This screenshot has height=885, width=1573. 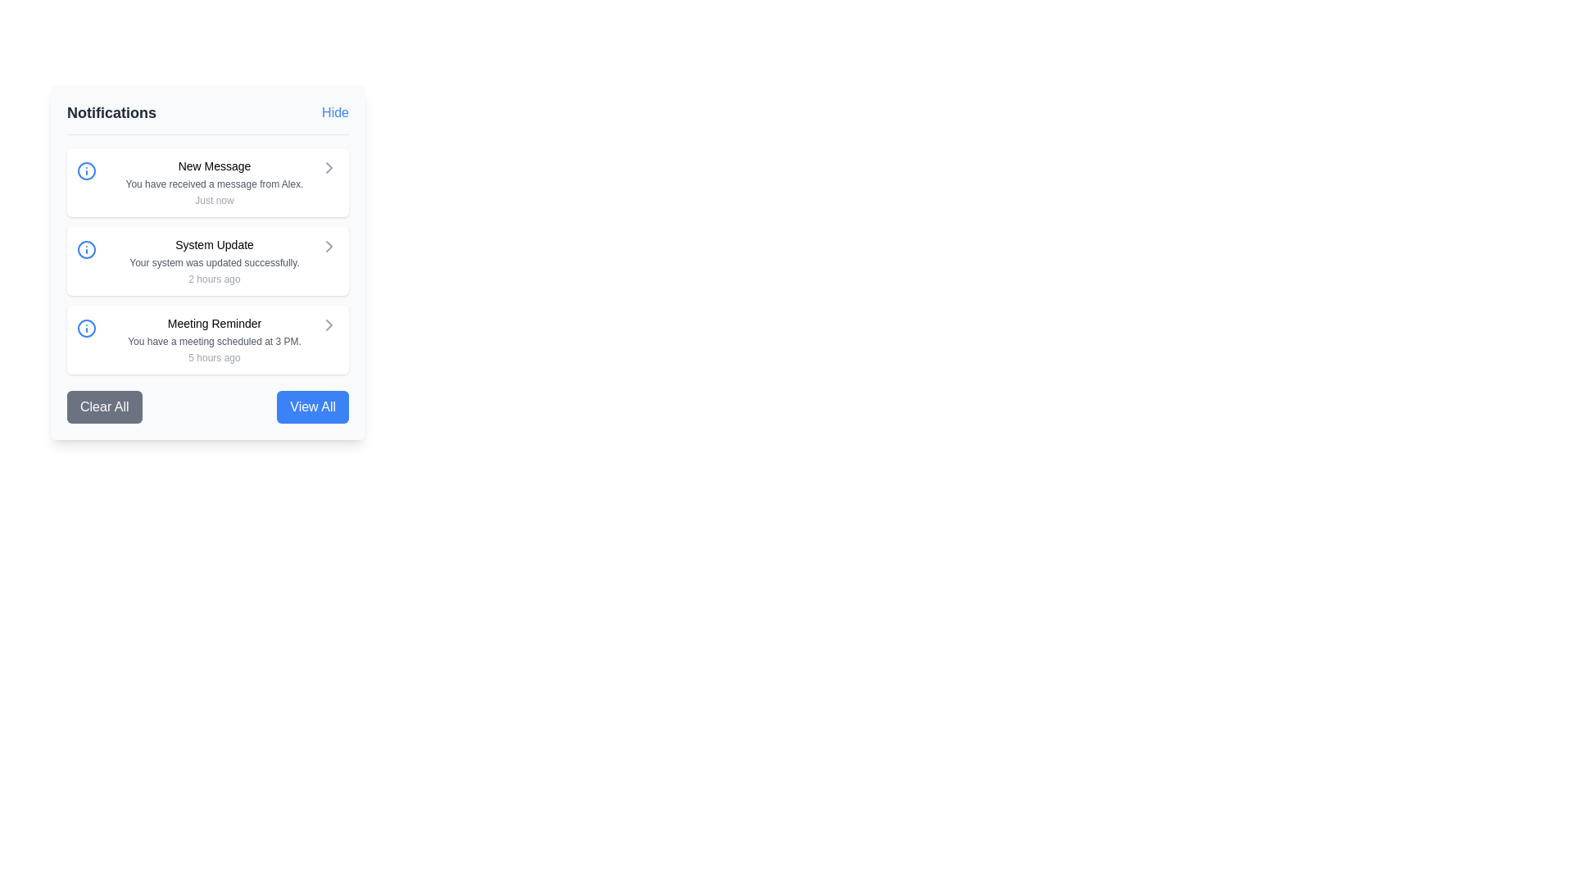 What do you see at coordinates (214, 339) in the screenshot?
I see `the third notification card displaying the reminder notification about a meeting scheduled at 3 PM` at bounding box center [214, 339].